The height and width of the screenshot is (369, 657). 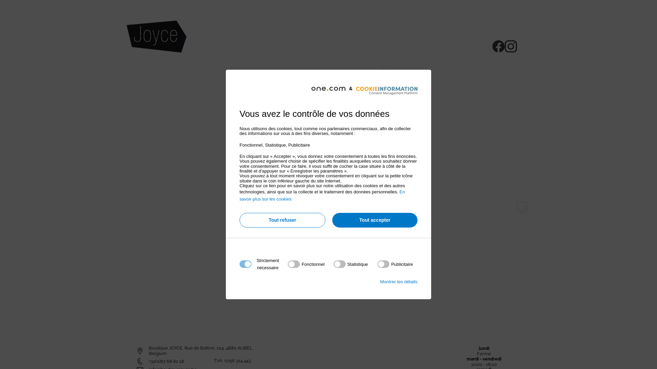 I want to click on 'Boutique JOYCE, Rue de Battice, 104, 4880 AUBEL, Belgium', so click(x=201, y=351).